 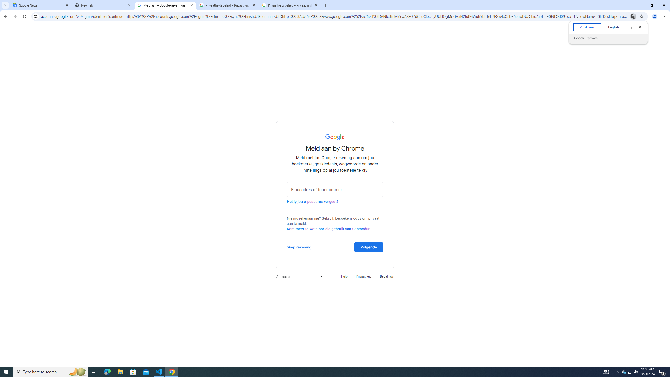 I want to click on 'Het jy jou e-posadres vergeet?', so click(x=312, y=201).